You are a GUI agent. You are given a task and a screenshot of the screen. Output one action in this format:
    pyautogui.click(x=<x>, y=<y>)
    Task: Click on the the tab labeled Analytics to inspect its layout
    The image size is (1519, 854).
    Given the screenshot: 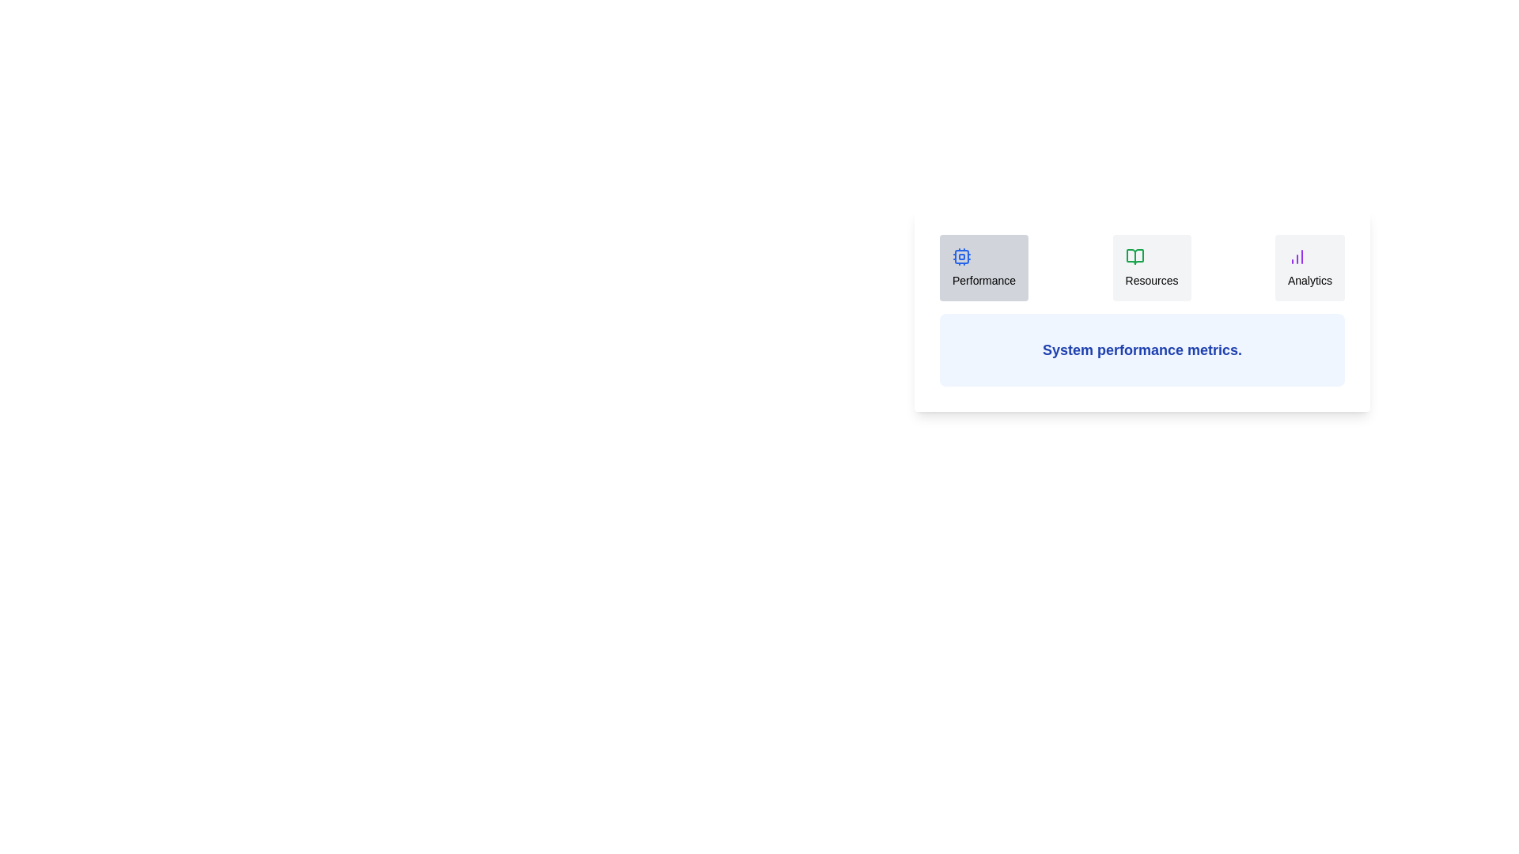 What is the action you would take?
    pyautogui.click(x=1309, y=267)
    